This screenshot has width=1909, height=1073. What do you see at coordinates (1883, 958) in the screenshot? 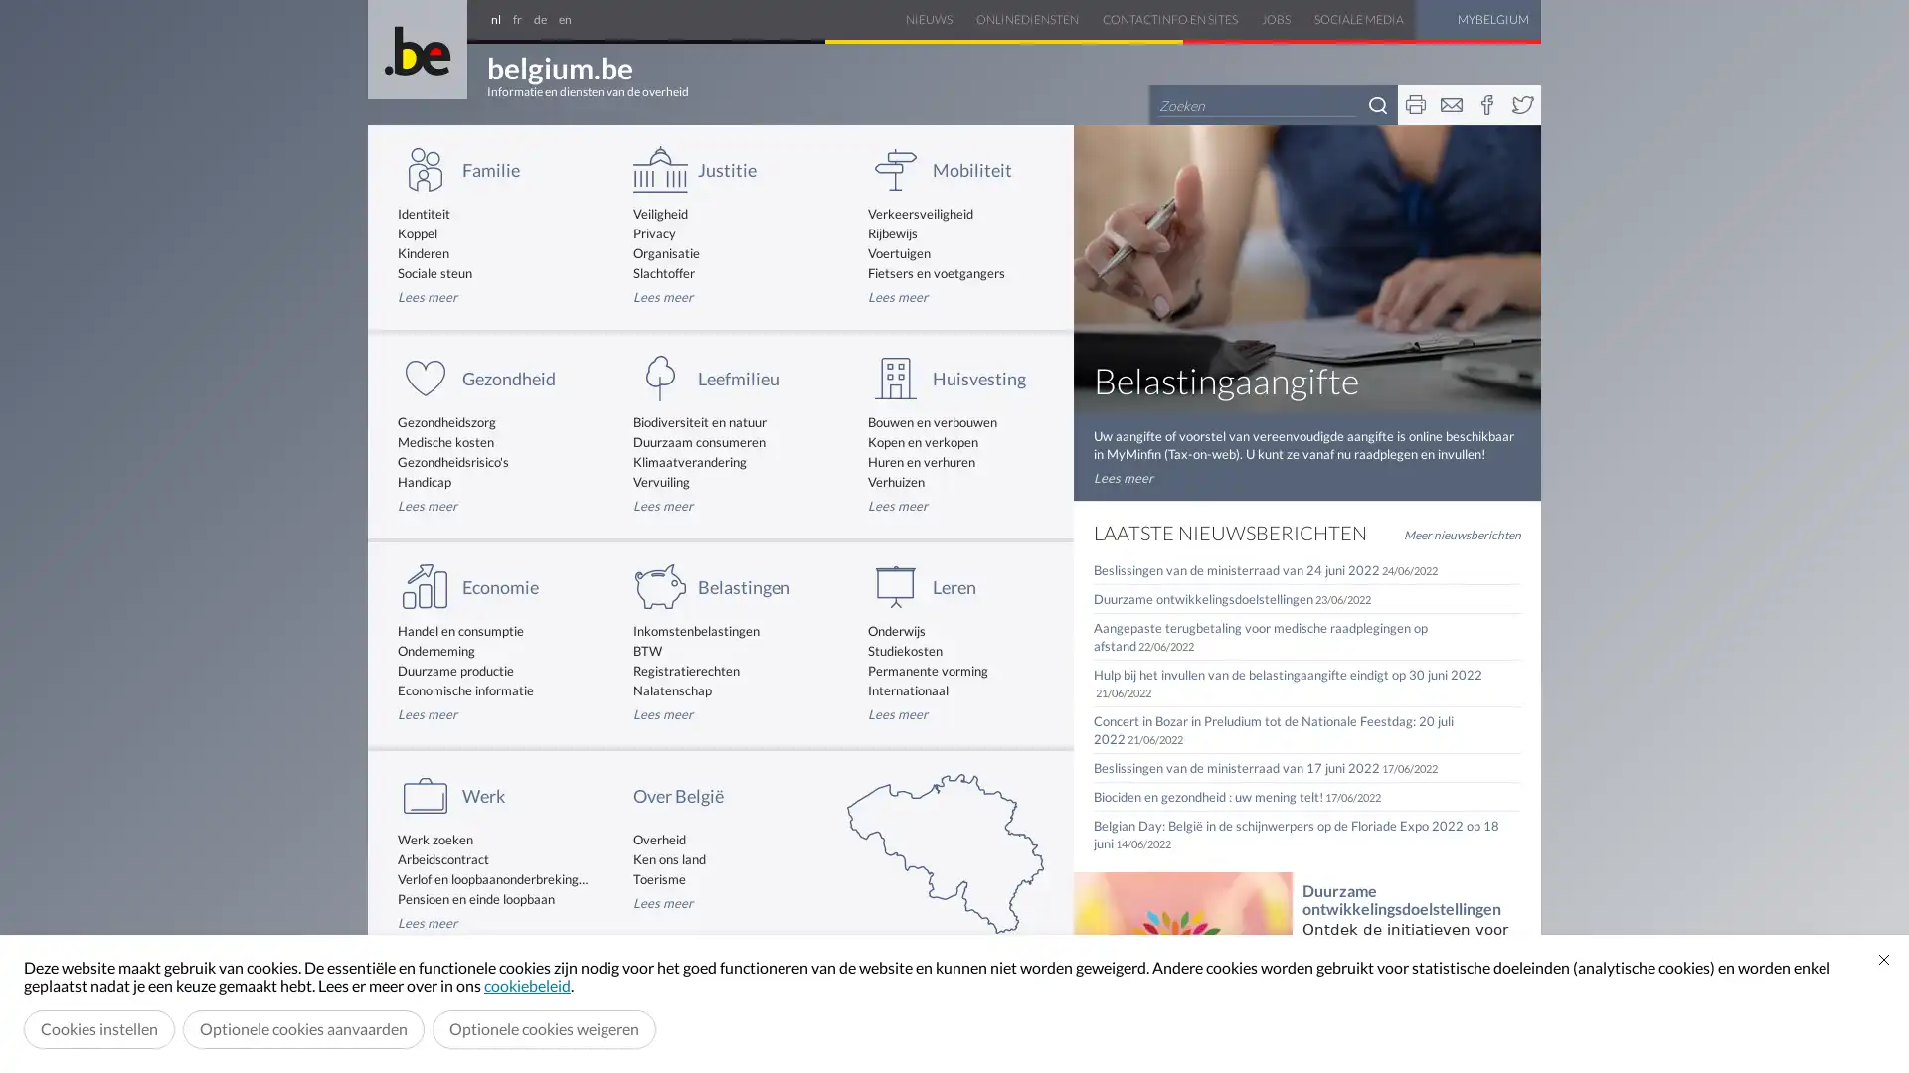
I see `Sluiten` at bounding box center [1883, 958].